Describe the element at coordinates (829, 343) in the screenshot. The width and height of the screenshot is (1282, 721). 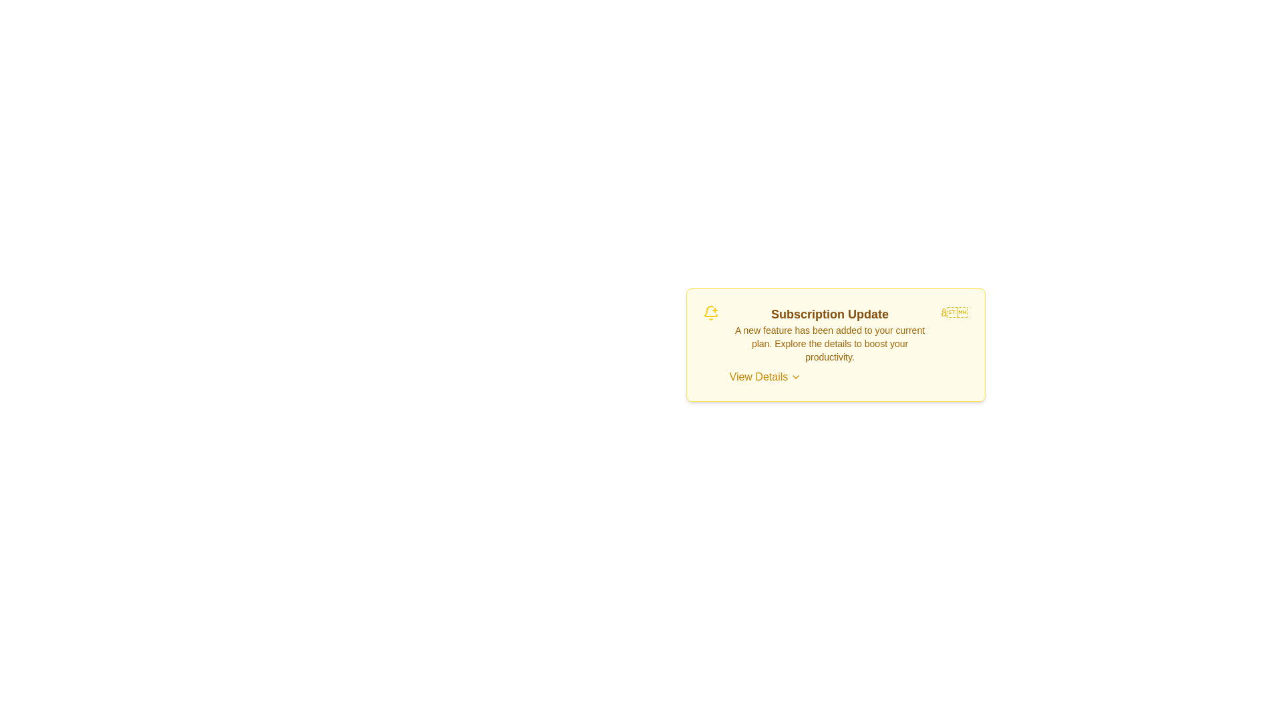
I see `the text to select it` at that location.